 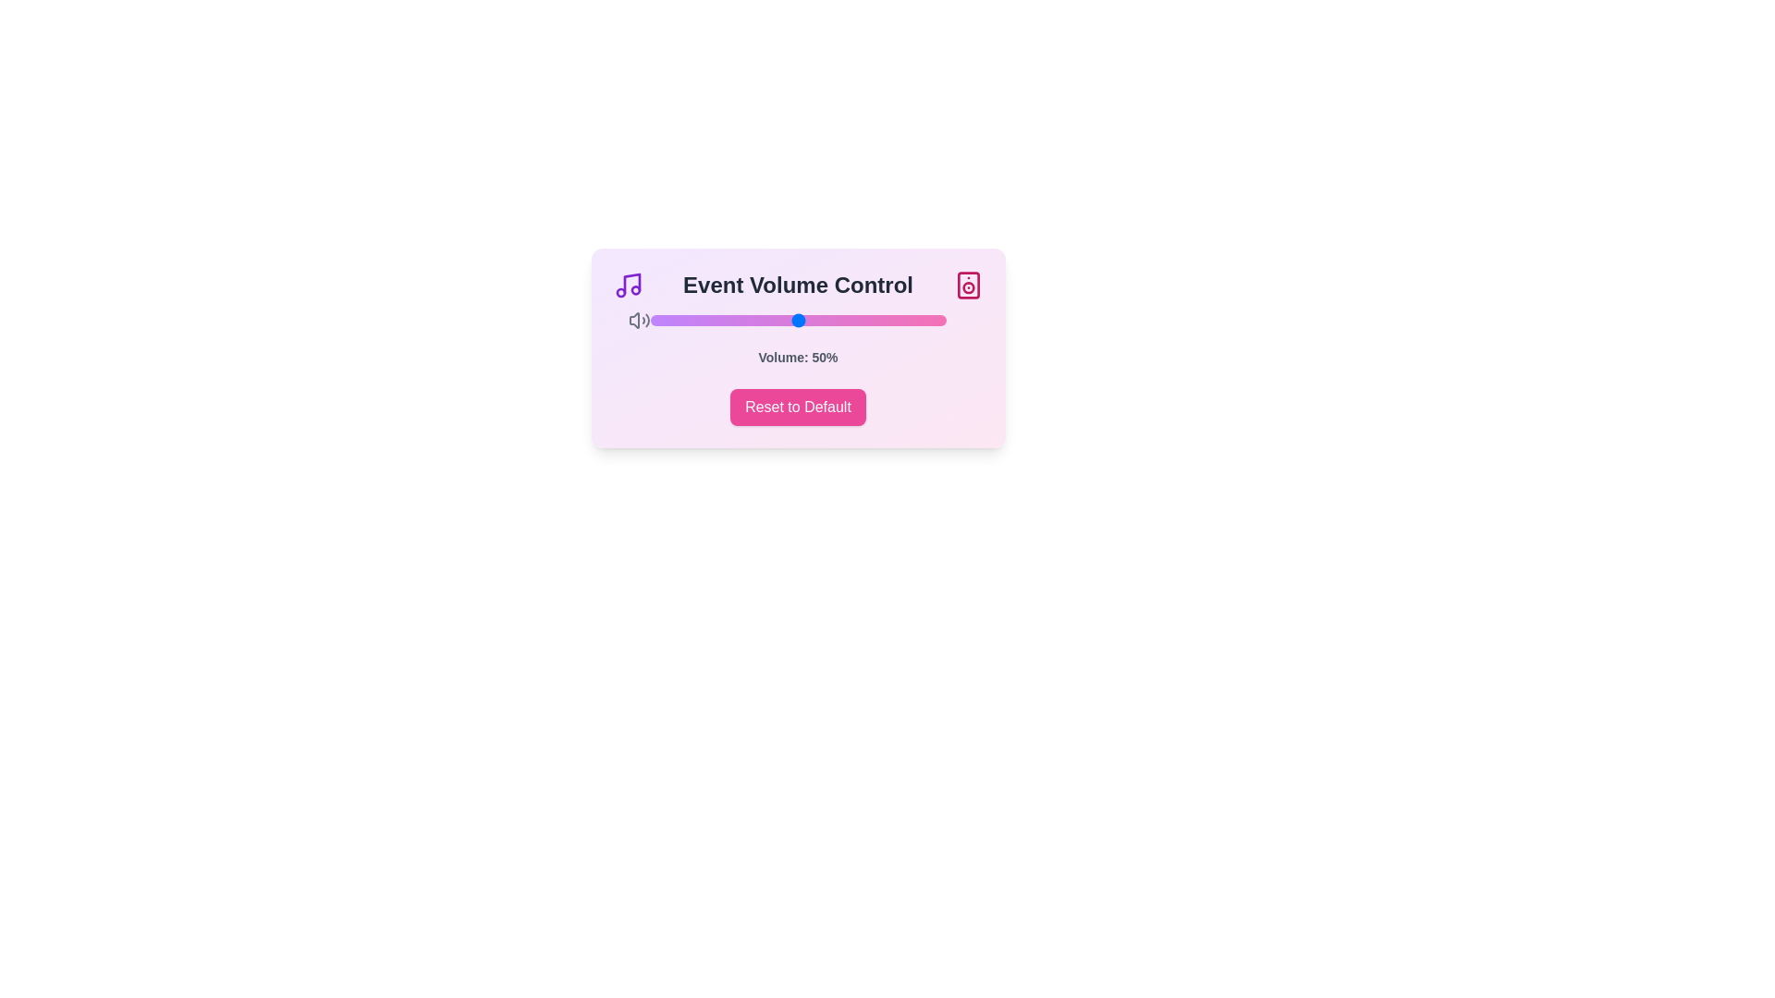 What do you see at coordinates (916, 320) in the screenshot?
I see `the volume slider to set the volume to 90%` at bounding box center [916, 320].